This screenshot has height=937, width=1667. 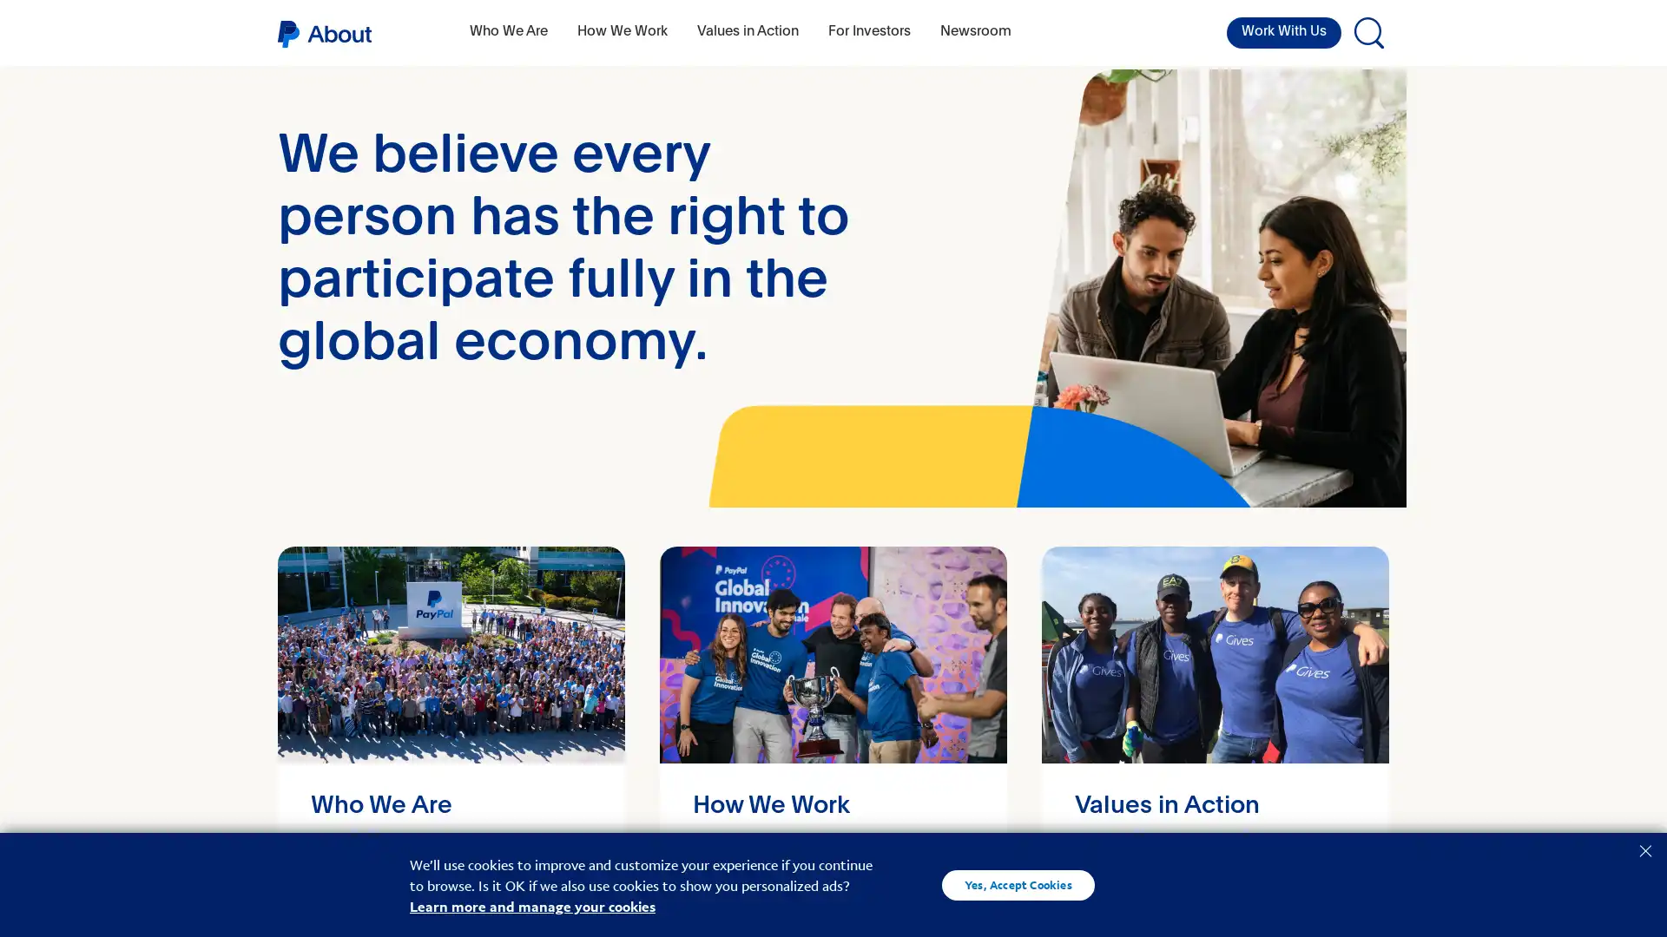 What do you see at coordinates (1018, 884) in the screenshot?
I see `Yes, Accept Cookies` at bounding box center [1018, 884].